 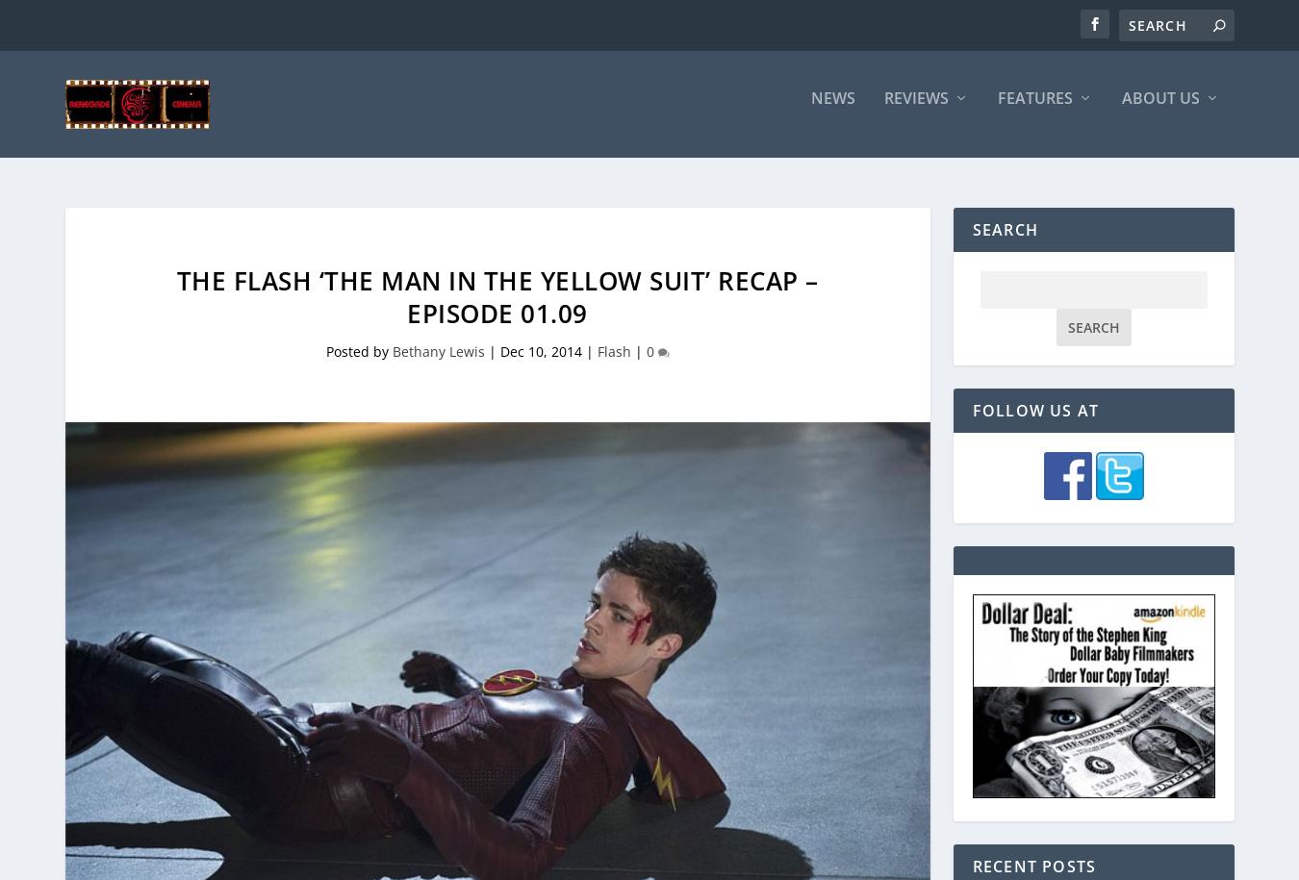 I want to click on 'A King’s Ransom', so click(x=1065, y=403).